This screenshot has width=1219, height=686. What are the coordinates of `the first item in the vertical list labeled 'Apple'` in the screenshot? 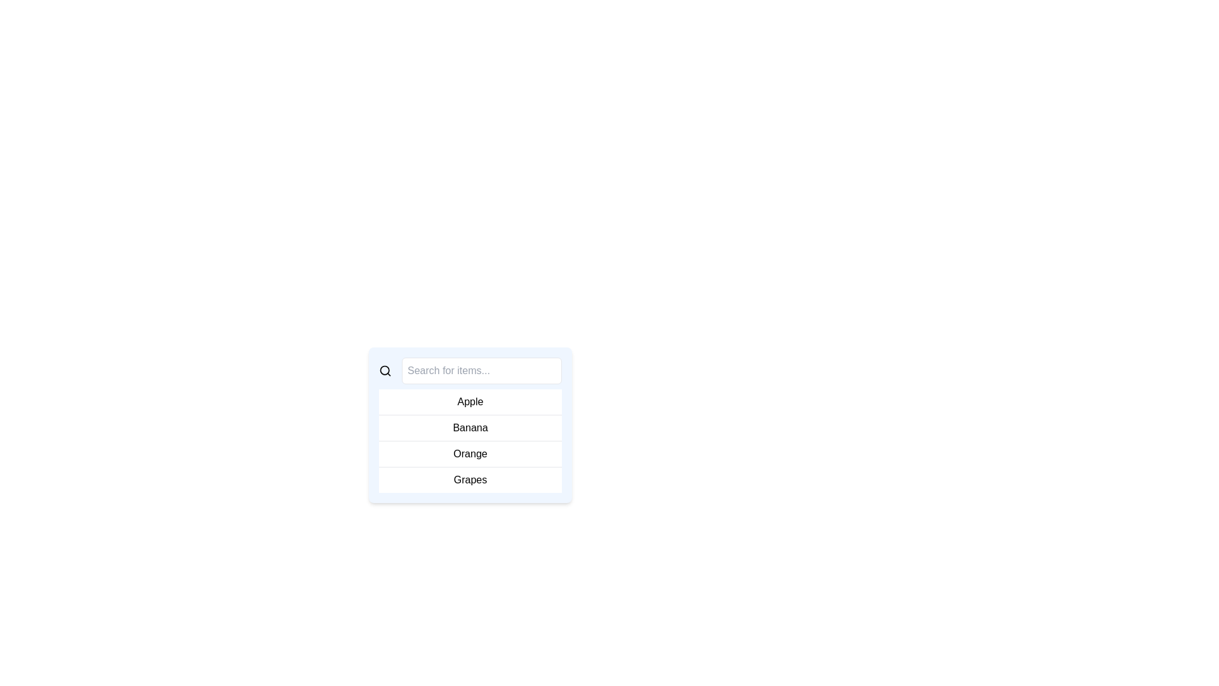 It's located at (469, 402).